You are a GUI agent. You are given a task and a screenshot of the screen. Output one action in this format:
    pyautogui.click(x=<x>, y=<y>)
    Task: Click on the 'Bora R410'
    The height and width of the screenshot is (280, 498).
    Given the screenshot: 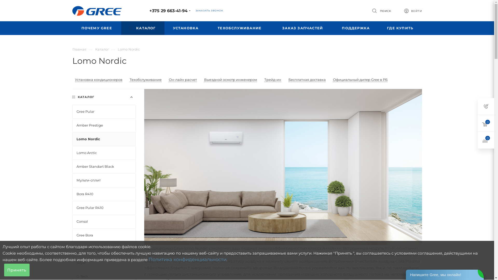 What is the action you would take?
    pyautogui.click(x=103, y=194)
    